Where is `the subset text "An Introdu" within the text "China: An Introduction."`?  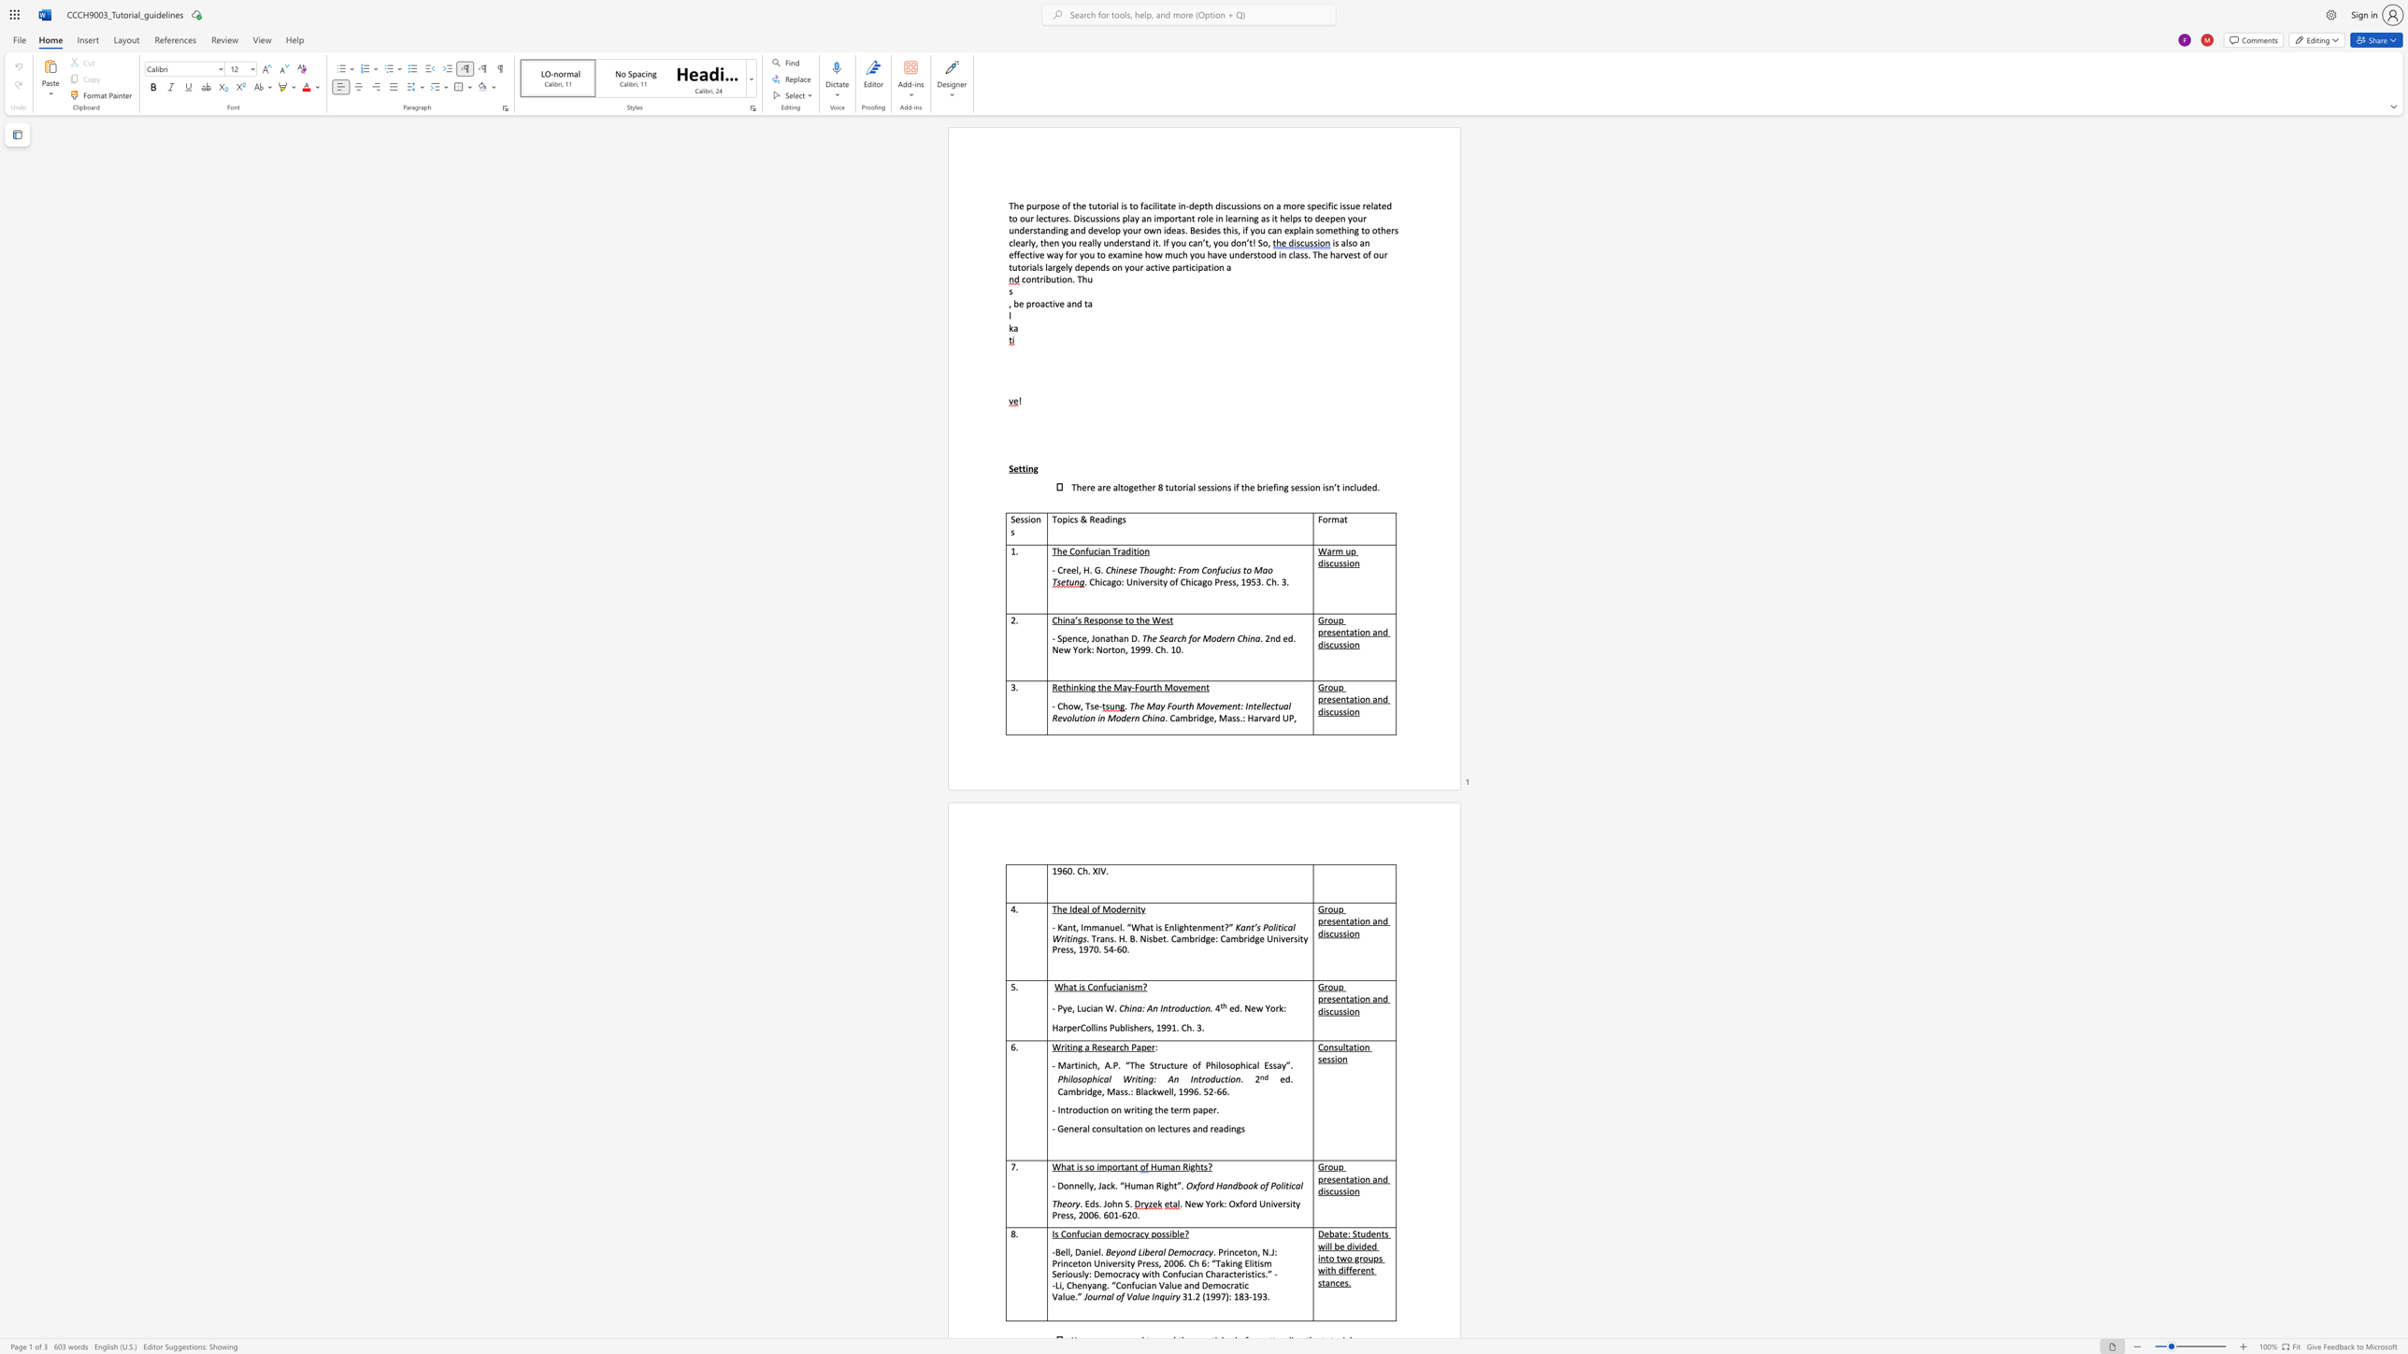 the subset text "An Introdu" within the text "China: An Introduction." is located at coordinates (1147, 1008).